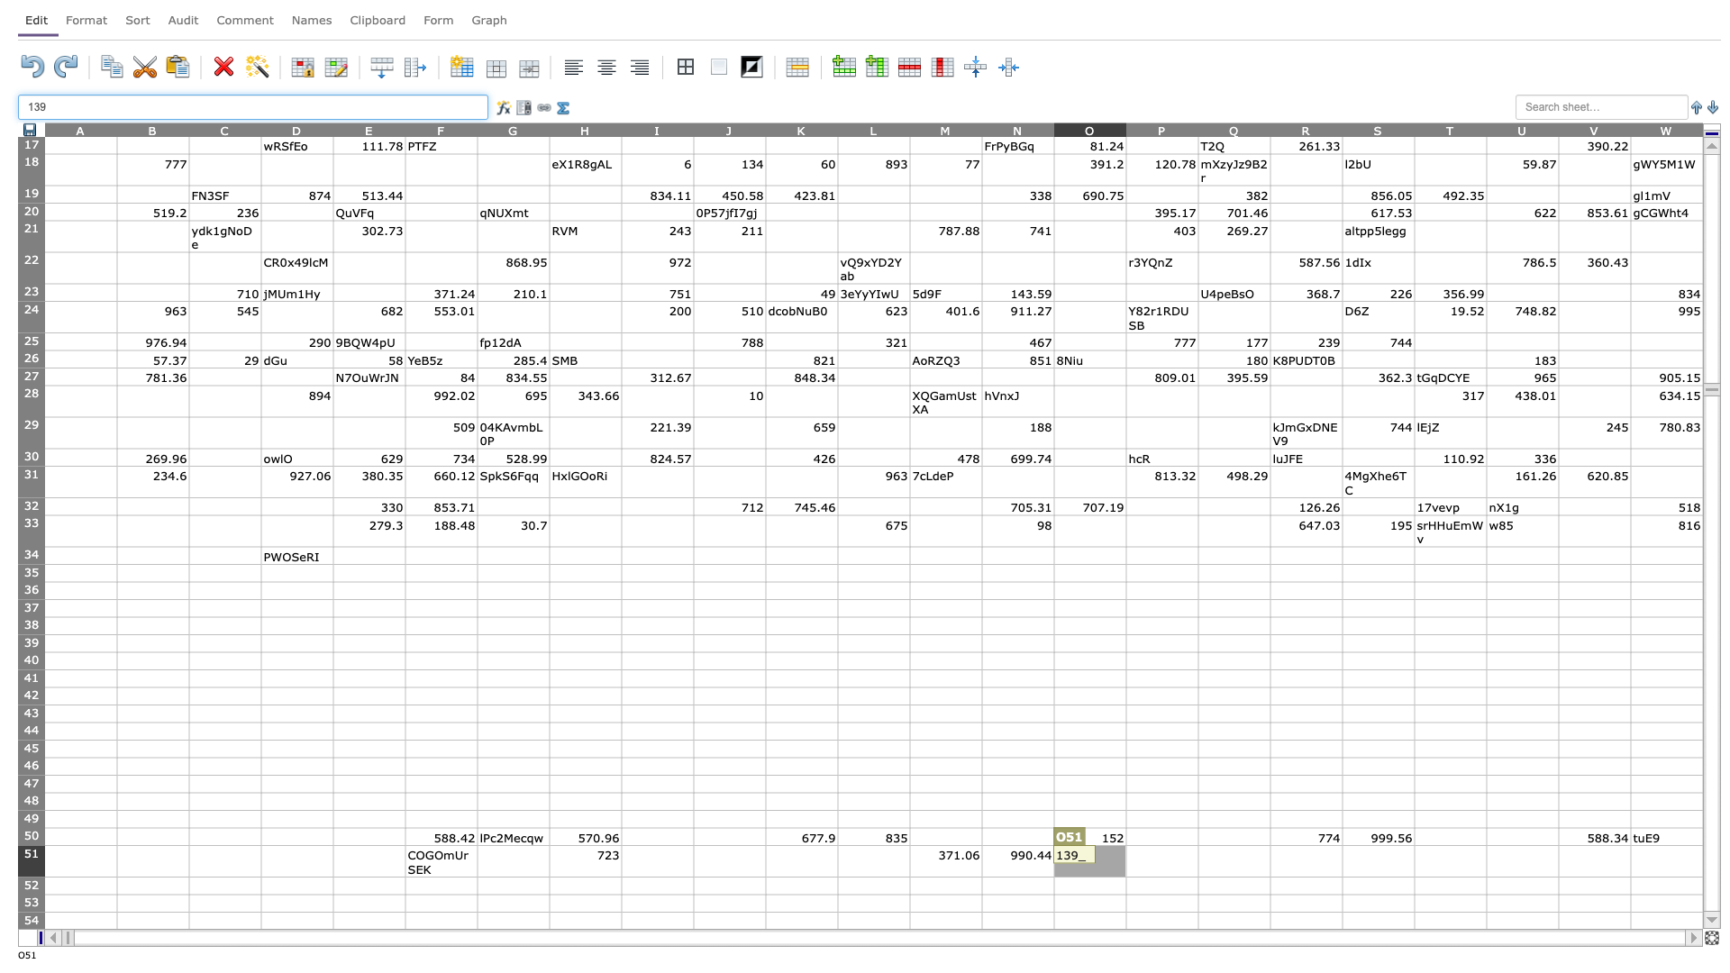 The height and width of the screenshot is (973, 1730). What do you see at coordinates (1124, 845) in the screenshot?
I see `top left corner of P51` at bounding box center [1124, 845].